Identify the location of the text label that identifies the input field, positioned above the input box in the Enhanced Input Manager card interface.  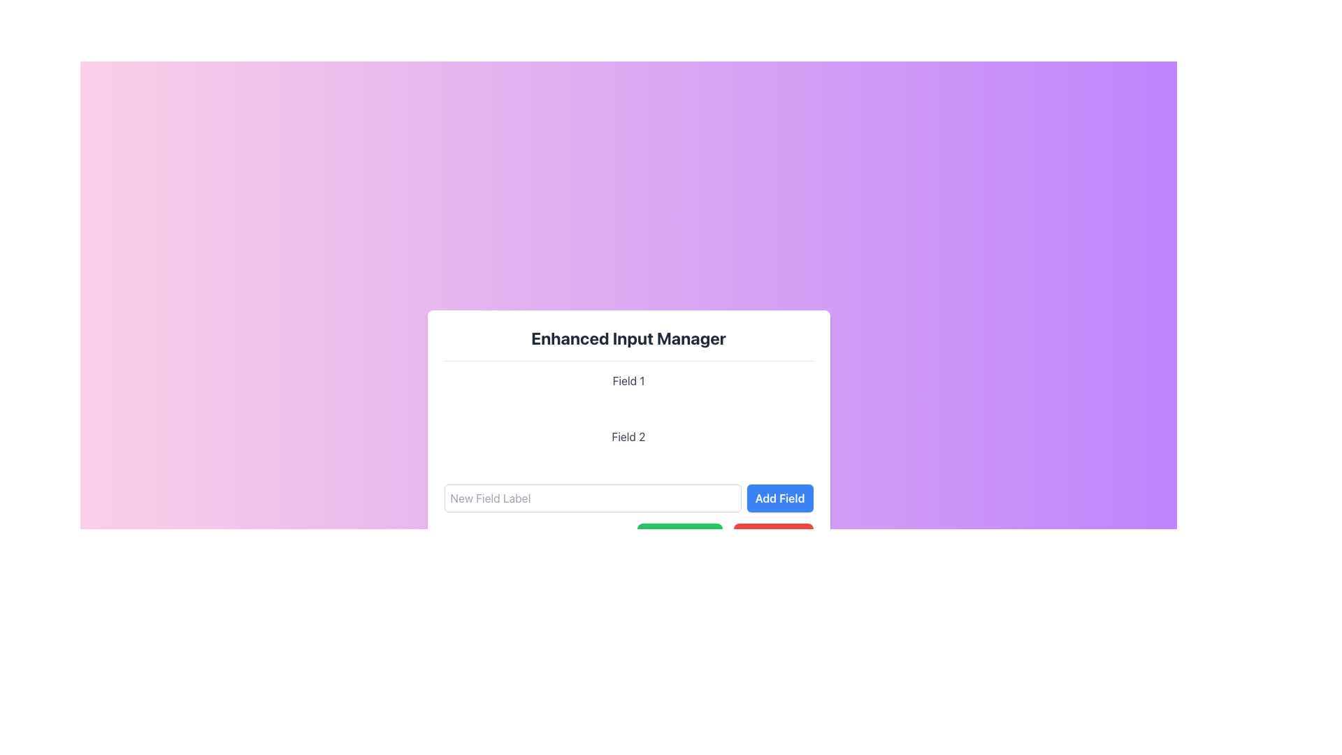
(628, 380).